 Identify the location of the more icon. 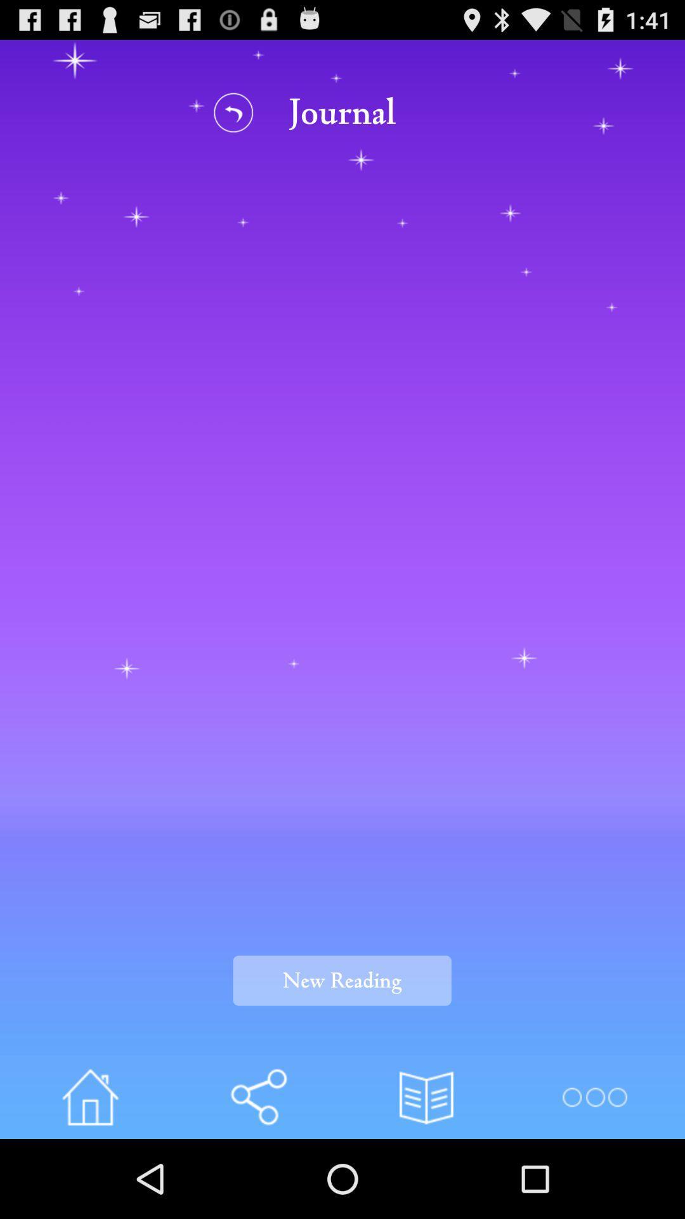
(594, 1173).